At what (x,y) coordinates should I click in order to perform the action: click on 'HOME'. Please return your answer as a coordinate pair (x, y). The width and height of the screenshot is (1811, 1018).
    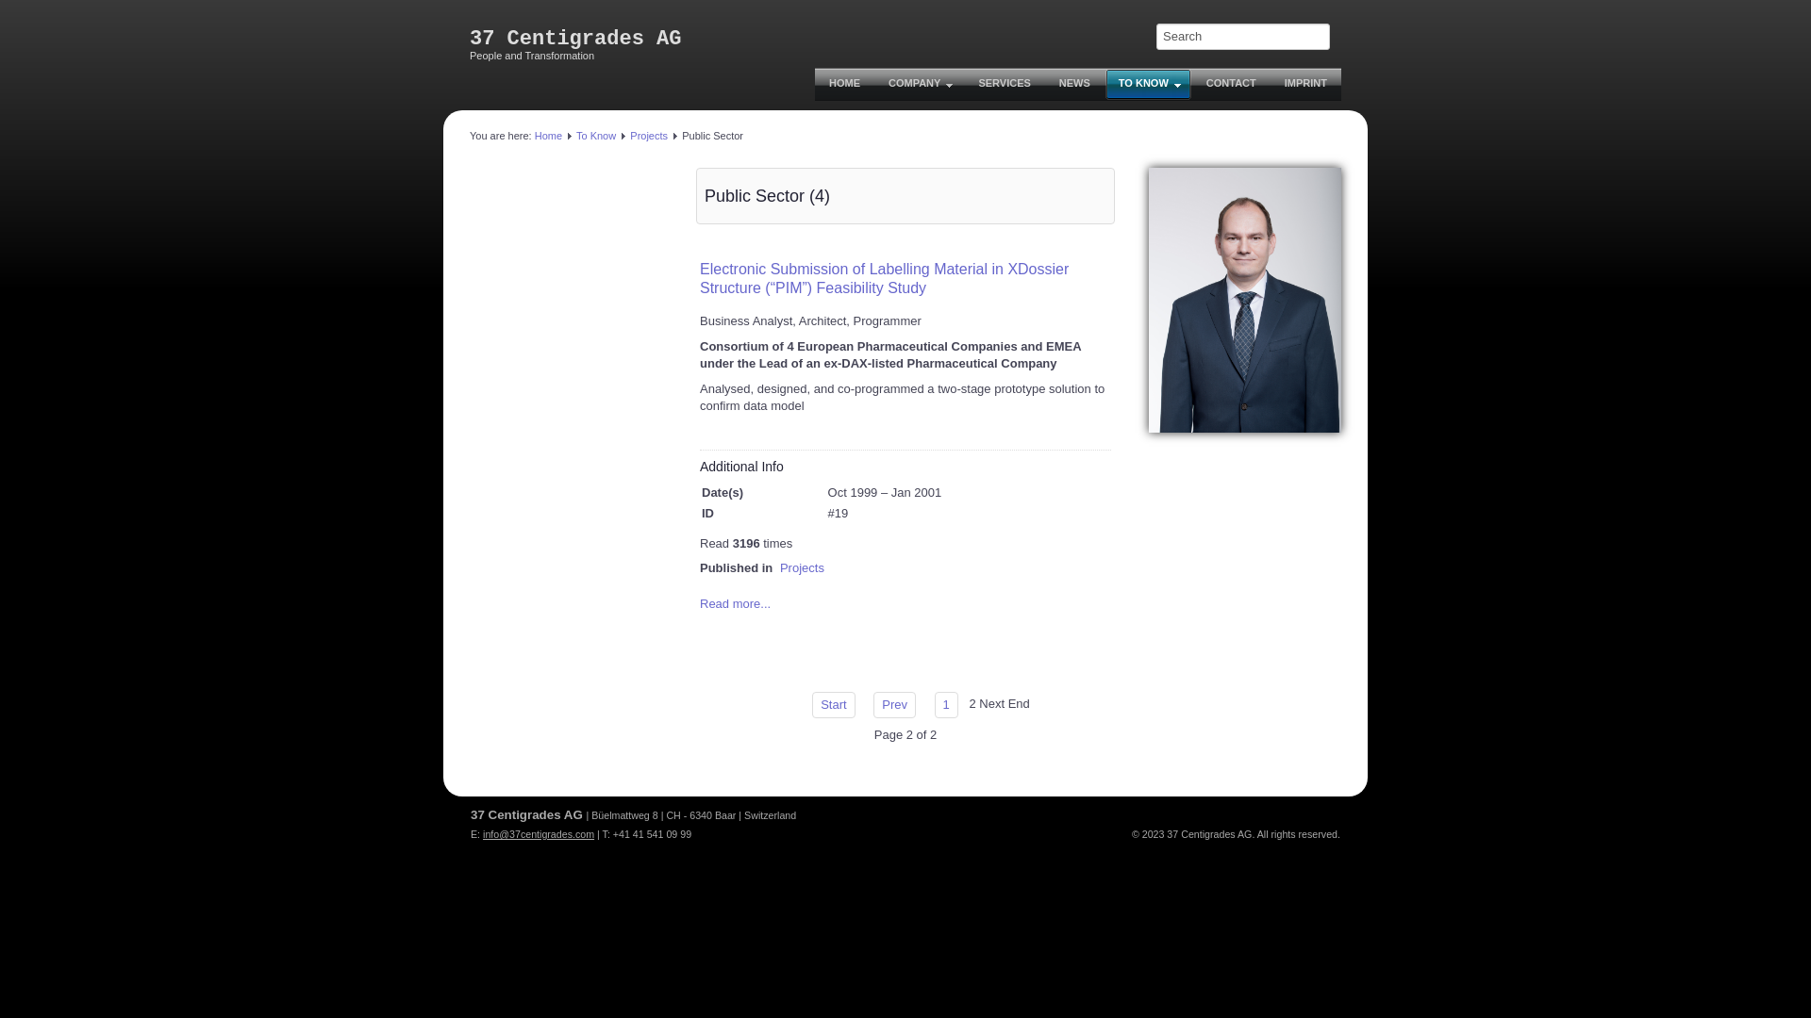
    Looking at the image, I should click on (843, 83).